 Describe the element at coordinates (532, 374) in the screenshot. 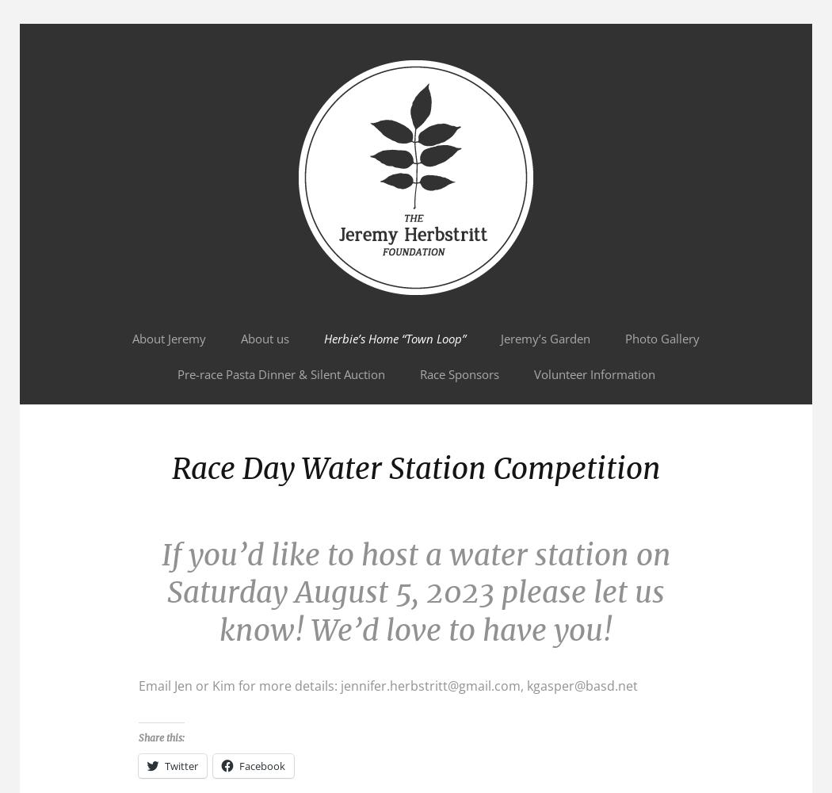

I see `'Volunteer Information'` at that location.